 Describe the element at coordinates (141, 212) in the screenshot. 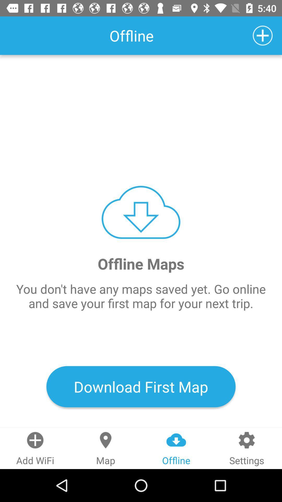

I see `the download icon from the middle` at that location.